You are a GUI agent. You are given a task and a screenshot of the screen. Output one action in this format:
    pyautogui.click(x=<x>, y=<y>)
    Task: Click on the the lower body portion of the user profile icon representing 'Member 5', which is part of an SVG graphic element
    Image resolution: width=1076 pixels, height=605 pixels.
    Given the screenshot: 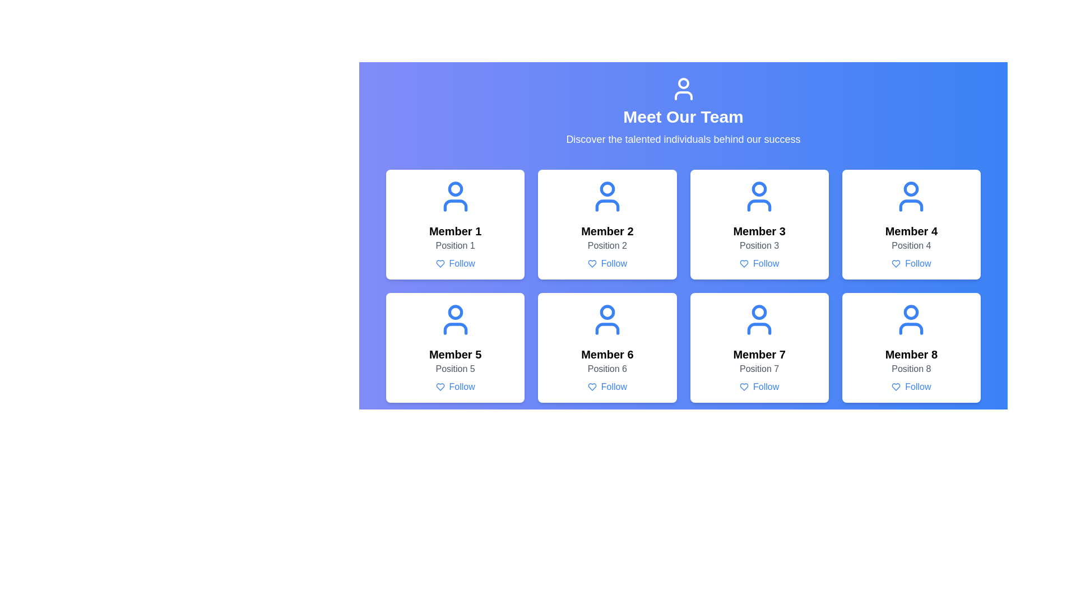 What is the action you would take?
    pyautogui.click(x=455, y=328)
    